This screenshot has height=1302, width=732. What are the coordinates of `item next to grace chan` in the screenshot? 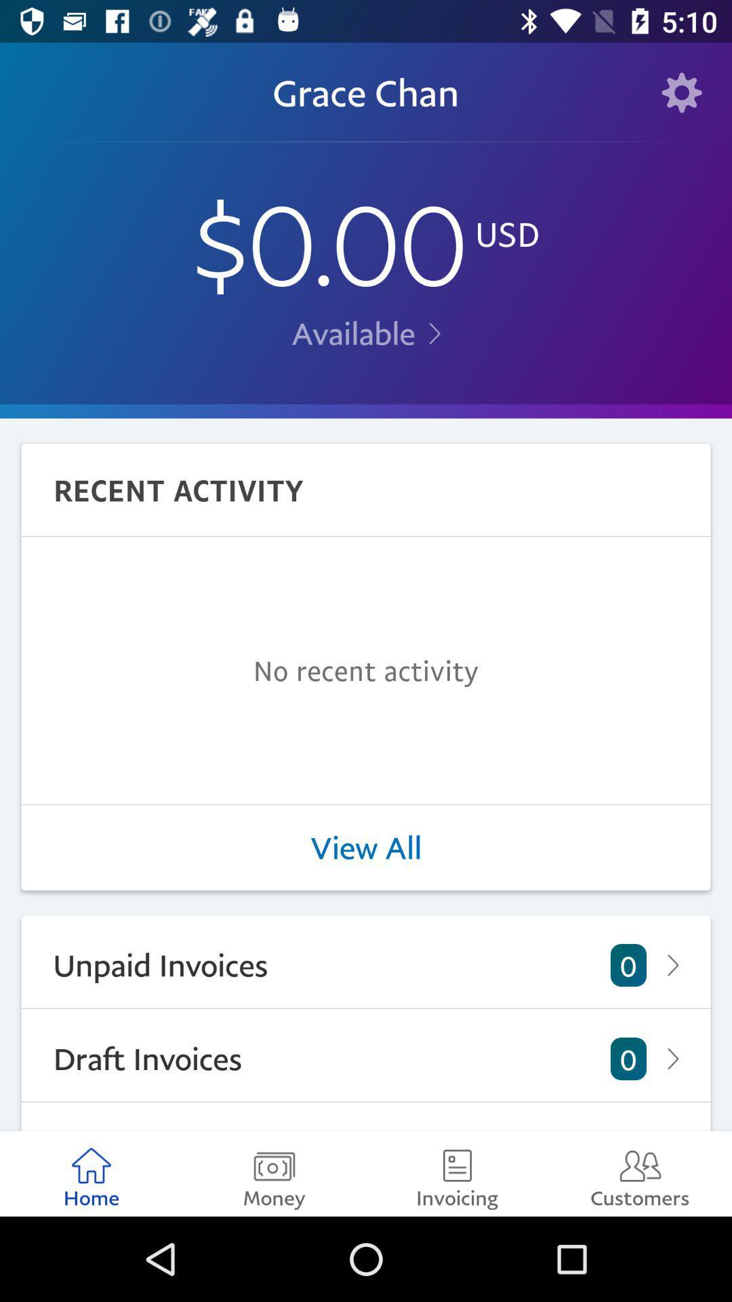 It's located at (682, 92).